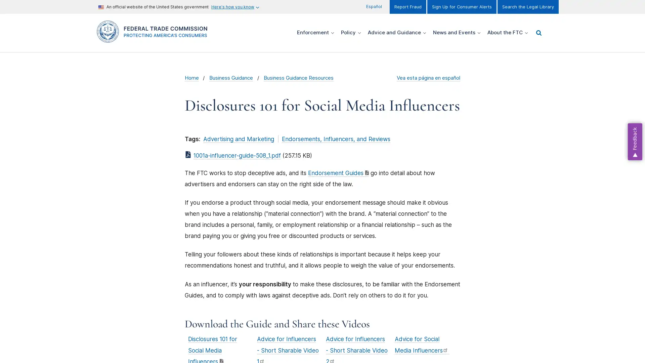 The width and height of the screenshot is (645, 363). I want to click on Show/hide News and Events menu items, so click(457, 33).